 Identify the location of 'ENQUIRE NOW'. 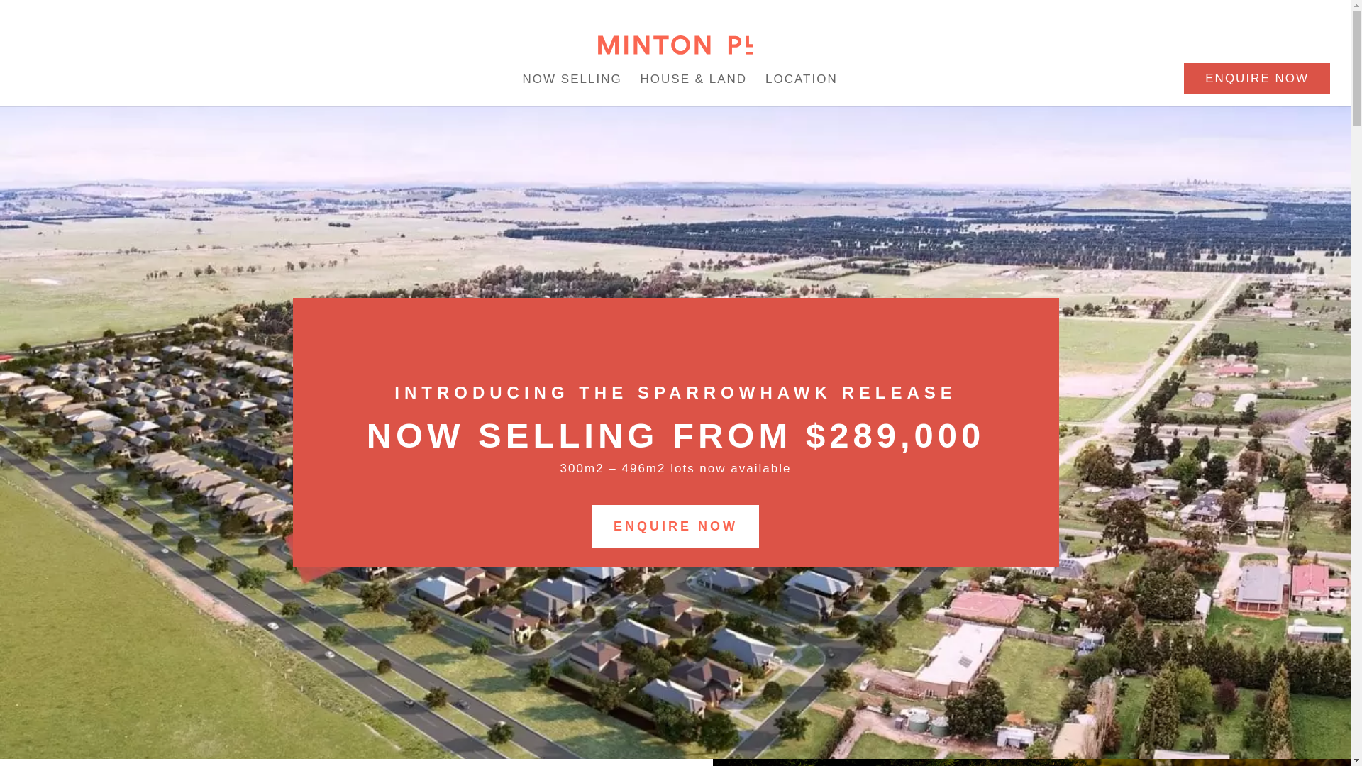
(1256, 79).